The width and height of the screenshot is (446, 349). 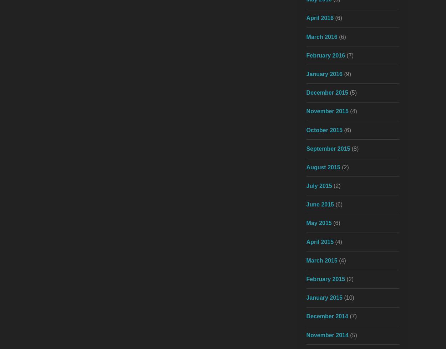 I want to click on 'January 2015', so click(x=306, y=297).